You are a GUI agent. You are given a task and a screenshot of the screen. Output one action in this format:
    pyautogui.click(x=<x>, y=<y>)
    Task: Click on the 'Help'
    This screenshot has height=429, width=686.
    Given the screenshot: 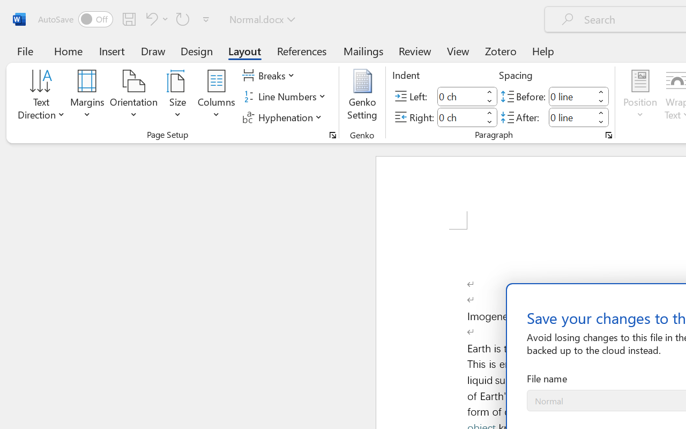 What is the action you would take?
    pyautogui.click(x=543, y=50)
    